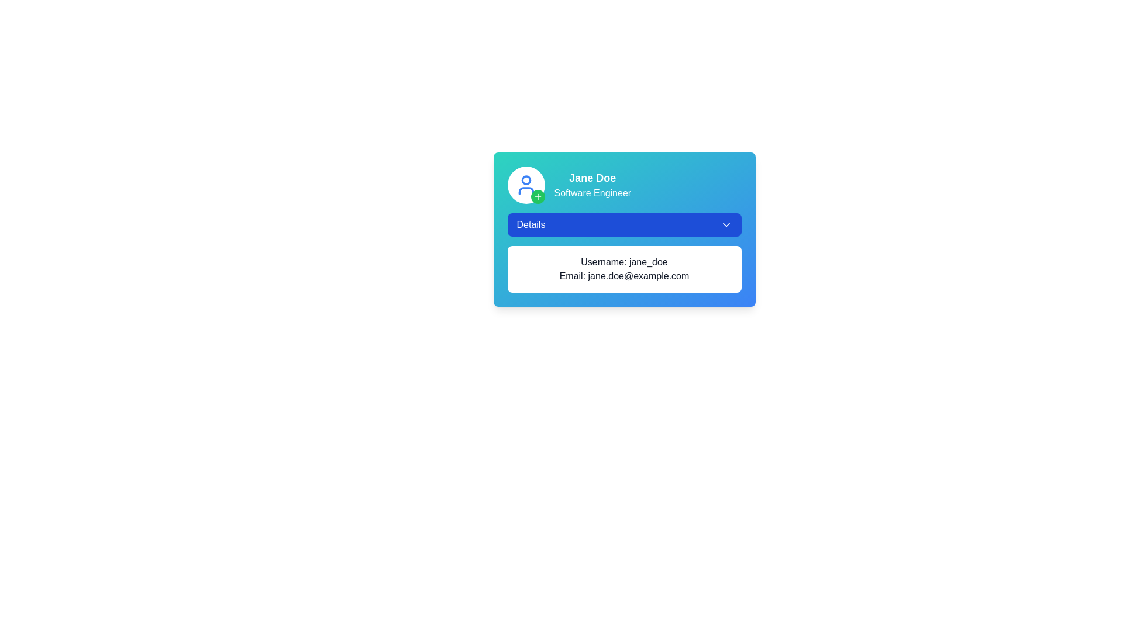 The height and width of the screenshot is (631, 1123). Describe the element at coordinates (623, 184) in the screenshot. I see `the profile information label, which includes a graphical icon and textual information about the user's name and job title, located at the top section of the centered card with a gradient blue-teal background` at that location.